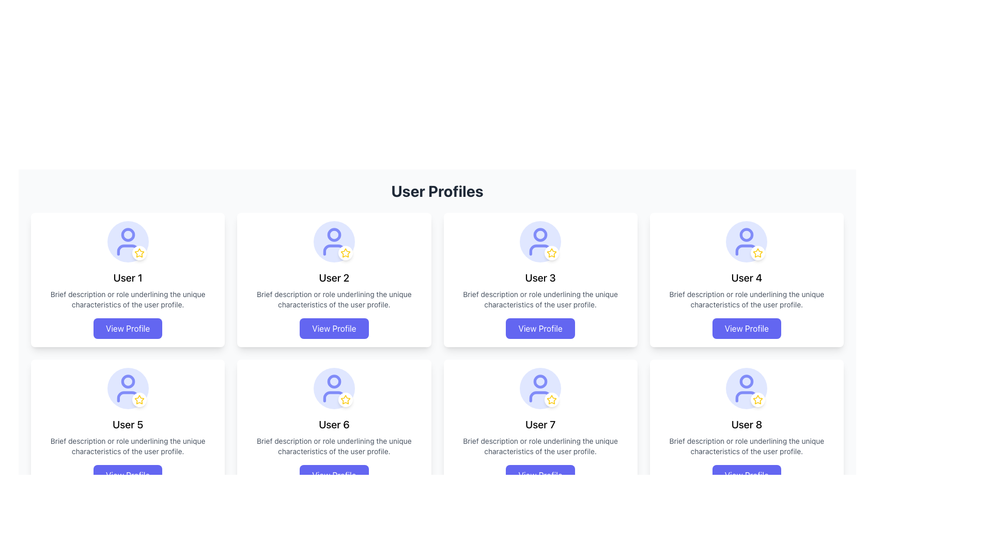  What do you see at coordinates (345, 253) in the screenshot?
I see `the yellow star icon with a white hollow center located in the 'User 2' profile card, positioned near the avatar image` at bounding box center [345, 253].